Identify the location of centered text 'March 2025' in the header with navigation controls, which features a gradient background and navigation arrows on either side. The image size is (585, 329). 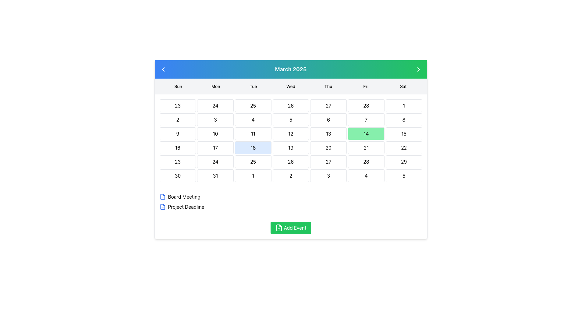
(290, 69).